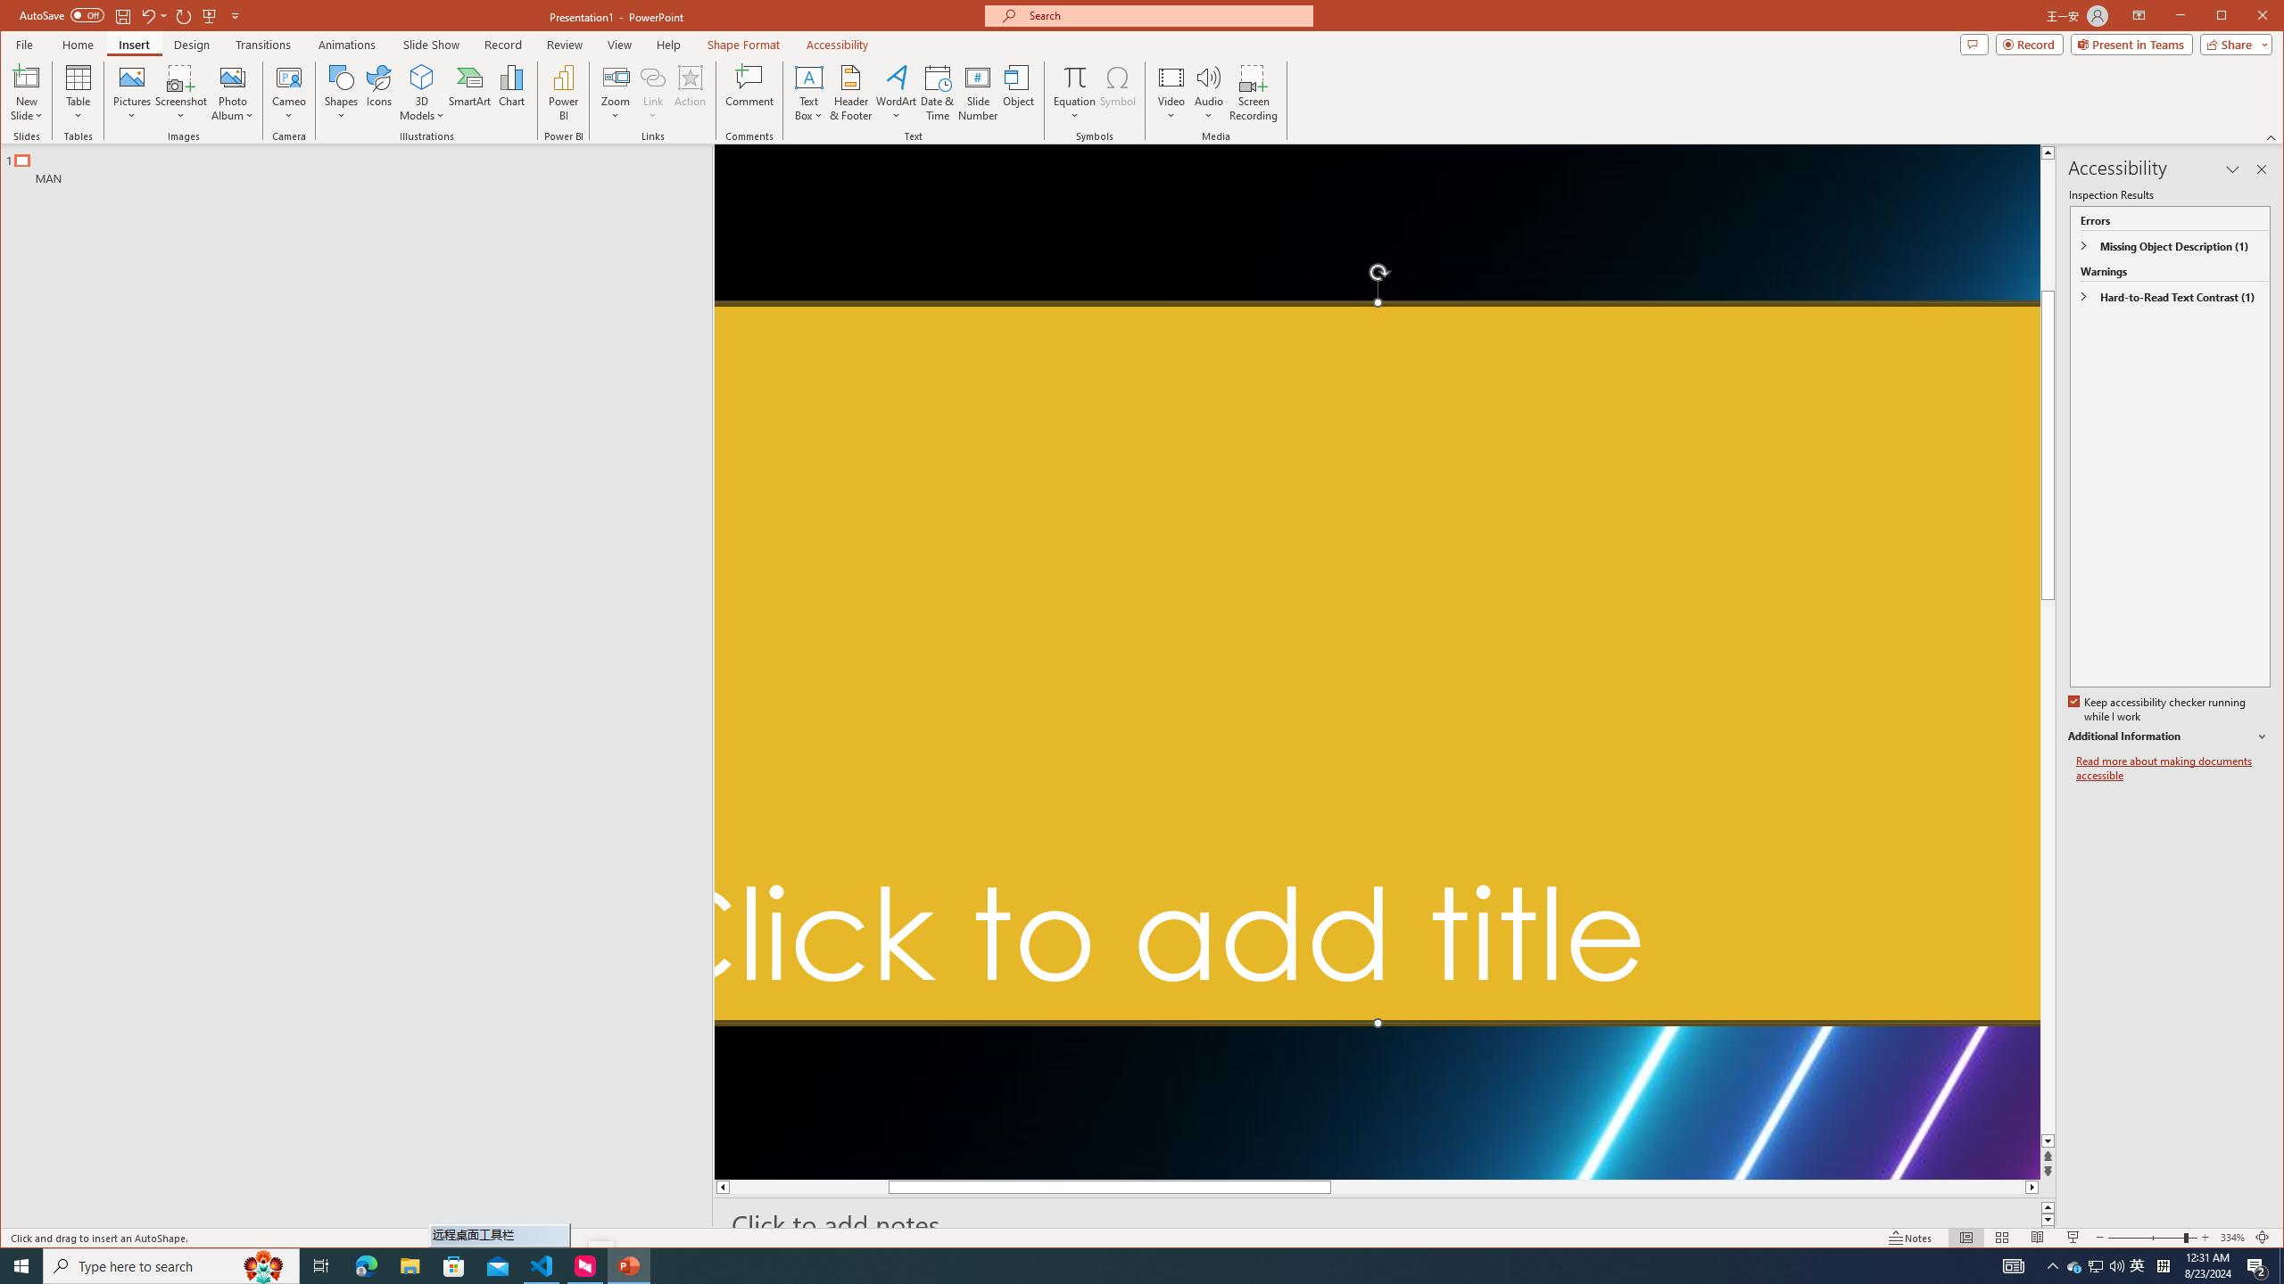 This screenshot has width=2284, height=1284. What do you see at coordinates (1018, 92) in the screenshot?
I see `'Object...'` at bounding box center [1018, 92].